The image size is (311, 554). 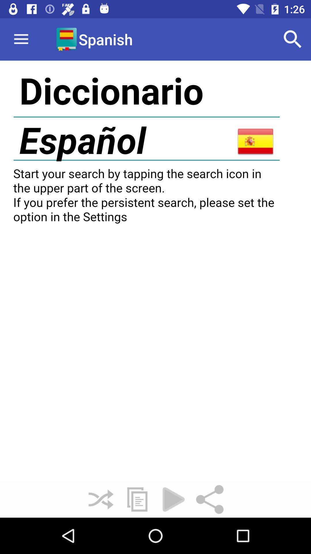 What do you see at coordinates (173, 499) in the screenshot?
I see `the play icon` at bounding box center [173, 499].